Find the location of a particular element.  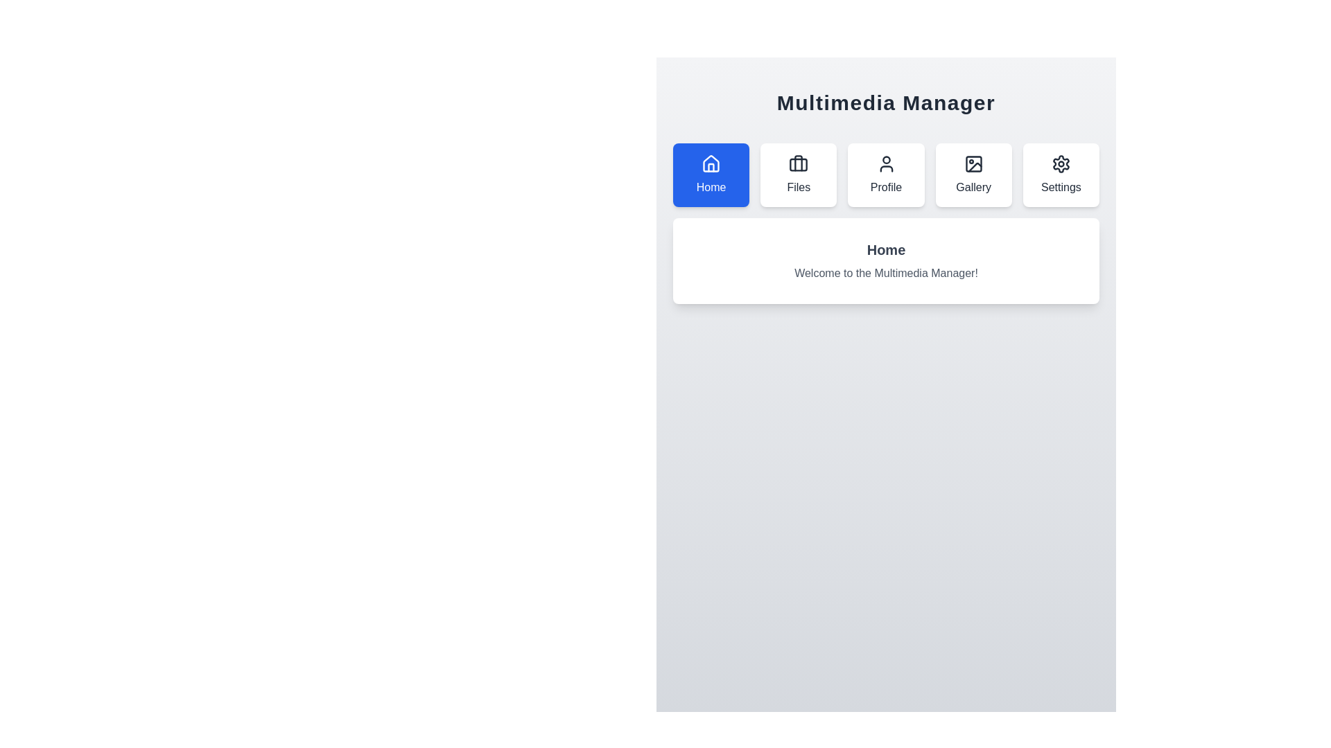

the navigation button located between the 'Home' and 'Profile' buttons is located at coordinates (799, 175).